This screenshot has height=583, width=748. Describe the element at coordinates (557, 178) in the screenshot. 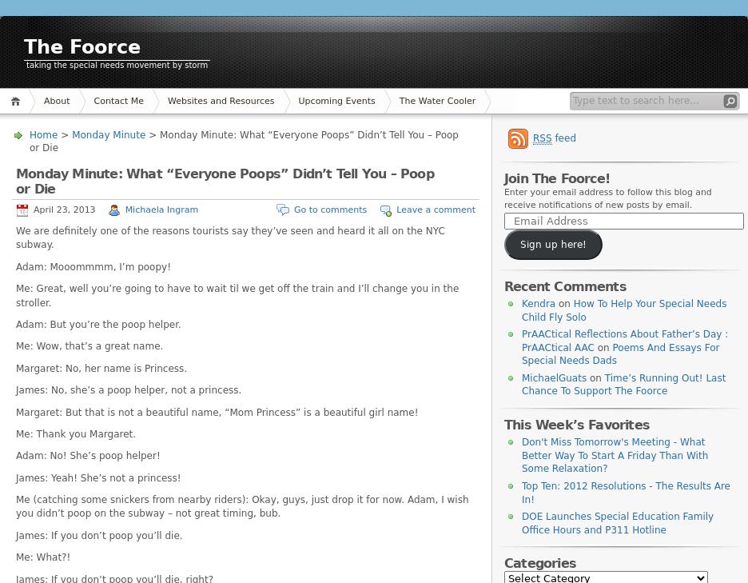

I see `'Join The Foorce!'` at that location.